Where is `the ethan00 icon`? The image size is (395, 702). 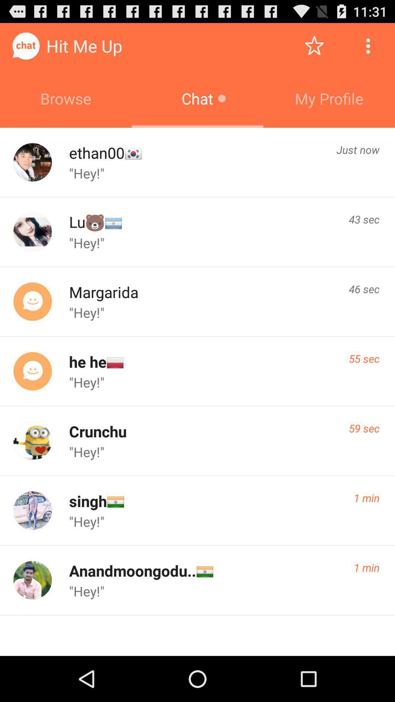 the ethan00 icon is located at coordinates (96, 152).